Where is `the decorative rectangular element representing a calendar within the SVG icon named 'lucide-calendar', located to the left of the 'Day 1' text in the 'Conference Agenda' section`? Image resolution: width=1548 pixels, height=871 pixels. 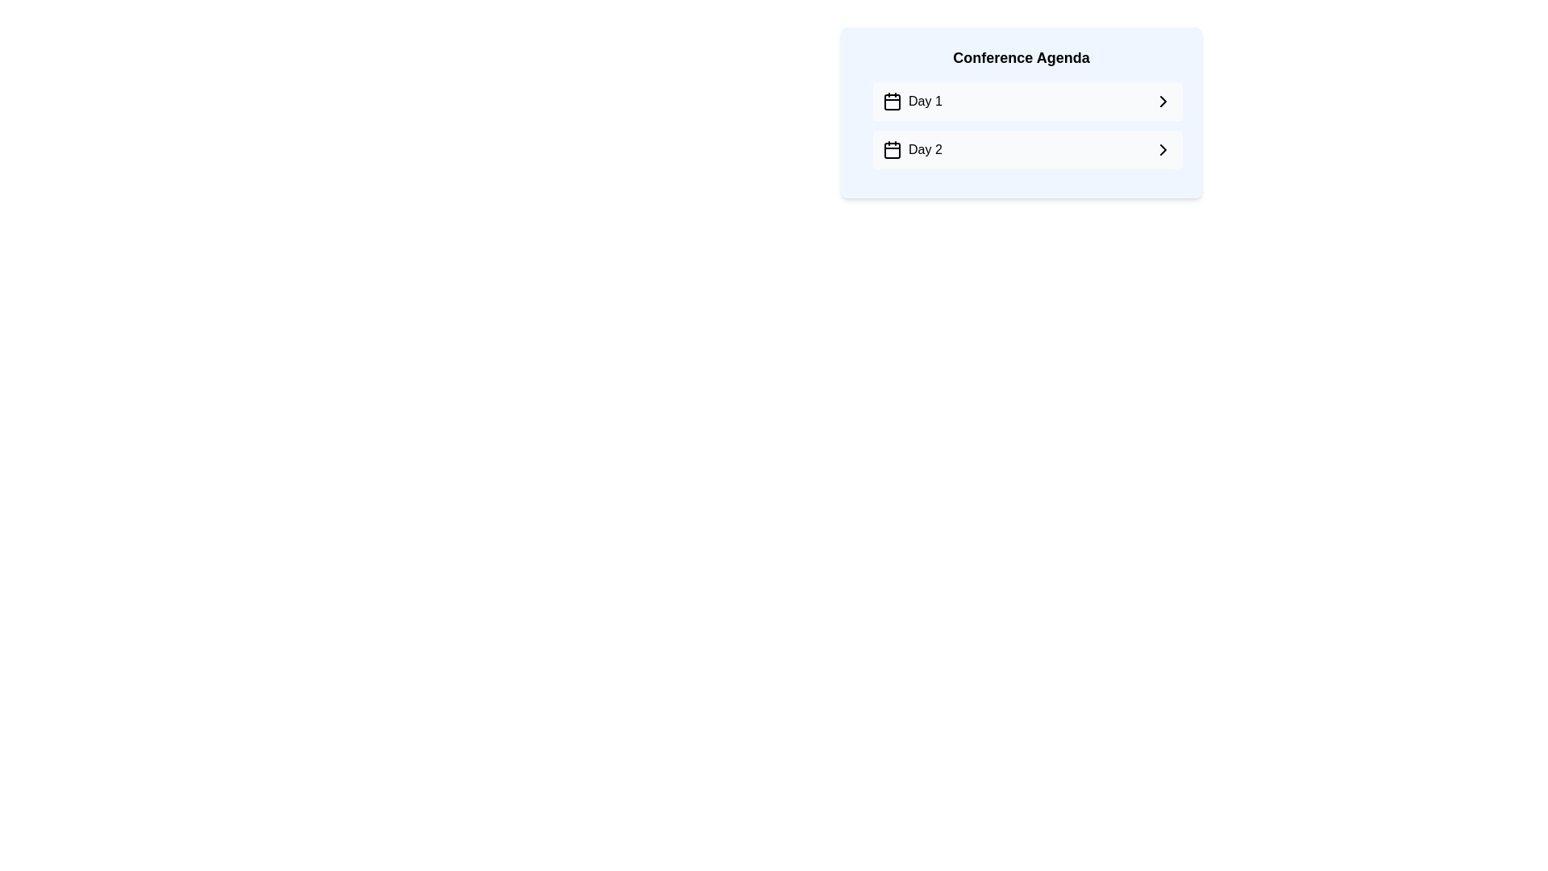
the decorative rectangular element representing a calendar within the SVG icon named 'lucide-calendar', located to the left of the 'Day 1' text in the 'Conference Agenda' section is located at coordinates (892, 102).